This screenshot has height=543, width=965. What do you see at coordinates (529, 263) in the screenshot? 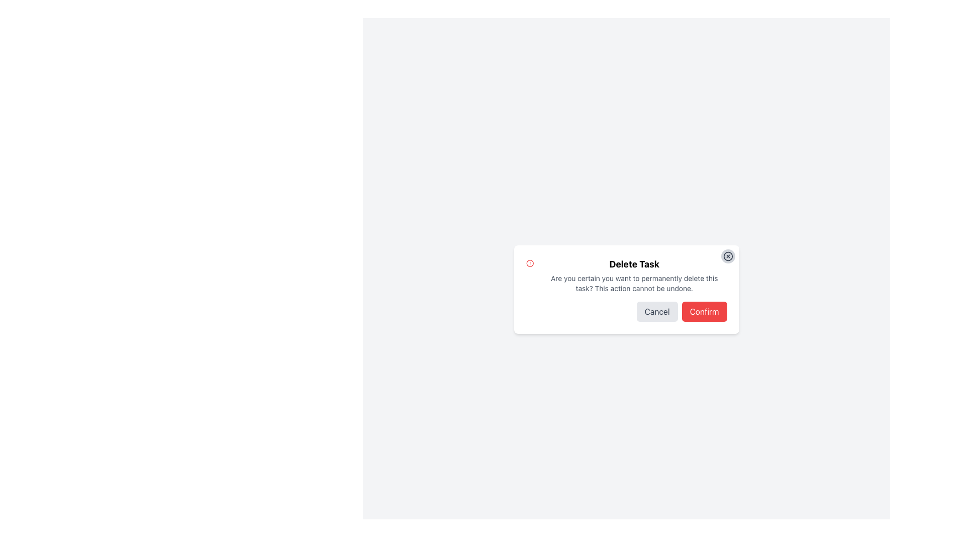
I see `the red circular icon within the warning icon located at the top-left corner of the modal dialog box` at bounding box center [529, 263].